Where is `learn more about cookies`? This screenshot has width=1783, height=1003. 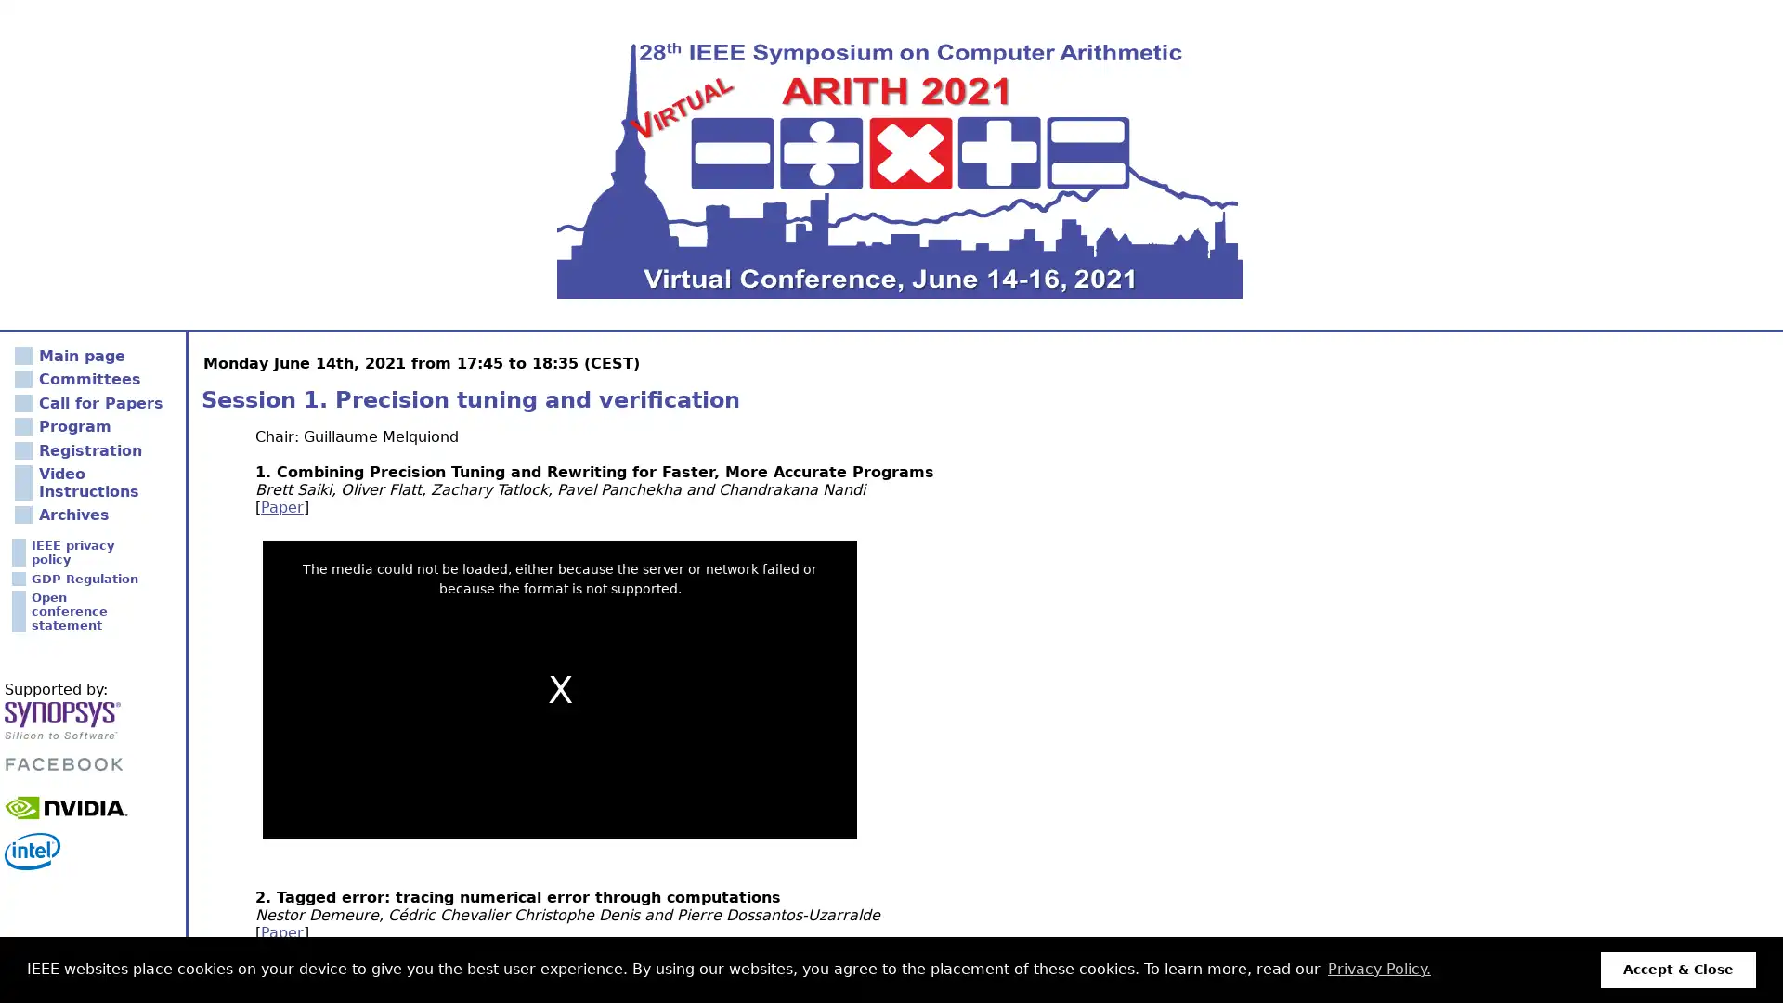
learn more about cookies is located at coordinates (1378, 969).